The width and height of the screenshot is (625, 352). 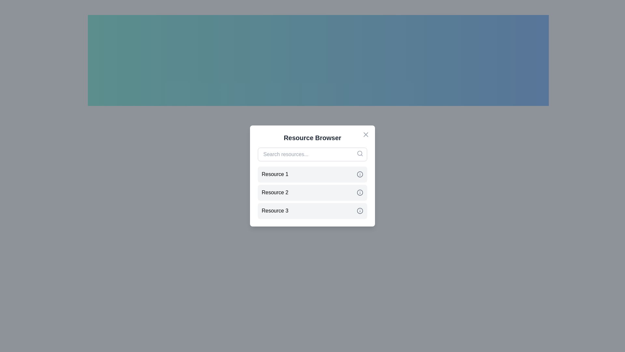 What do you see at coordinates (275, 211) in the screenshot?
I see `the text label 'Resource 3' which is located in the third row of the card layout, positioned to the left of a circular icon` at bounding box center [275, 211].